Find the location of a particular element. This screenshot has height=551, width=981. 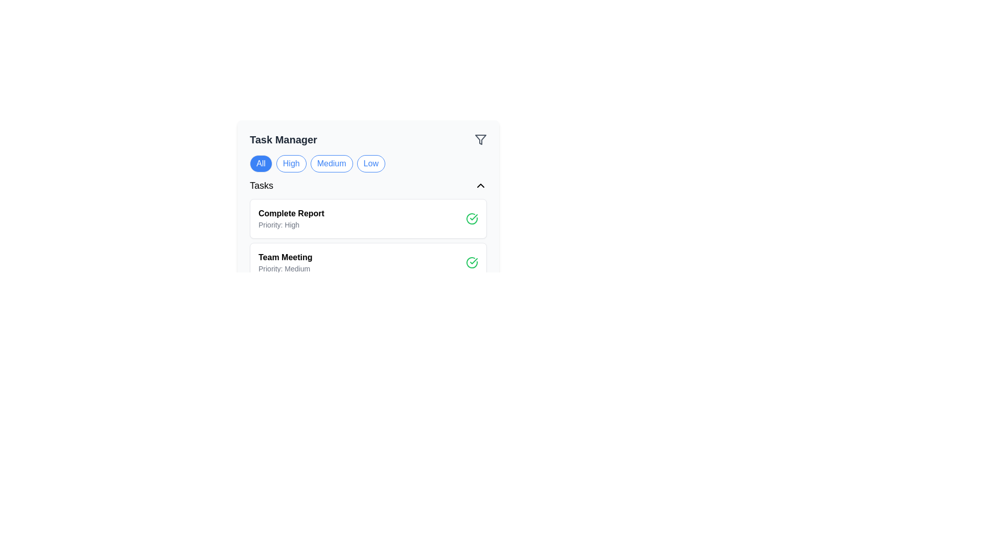

the medium-sized circular icon with a green outline and a checkmark inside it, located at the bottom-right corner of the 'Team Meeting' task entry is located at coordinates (472, 262).